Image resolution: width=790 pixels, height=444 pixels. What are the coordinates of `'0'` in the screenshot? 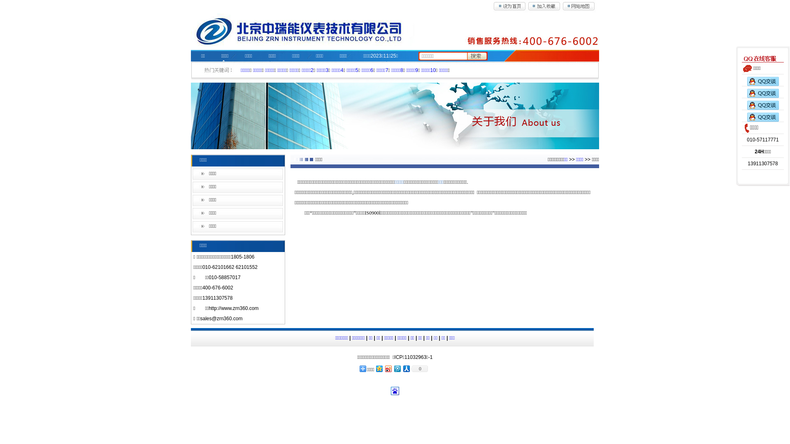 It's located at (419, 368).